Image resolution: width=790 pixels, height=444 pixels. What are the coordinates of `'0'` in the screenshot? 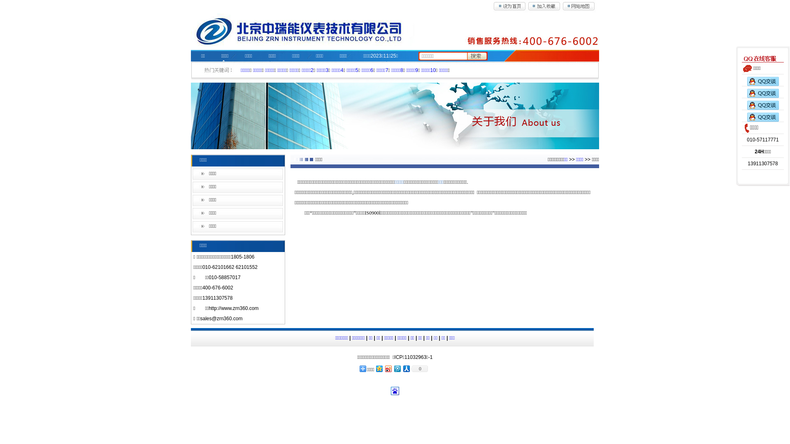 It's located at (419, 368).